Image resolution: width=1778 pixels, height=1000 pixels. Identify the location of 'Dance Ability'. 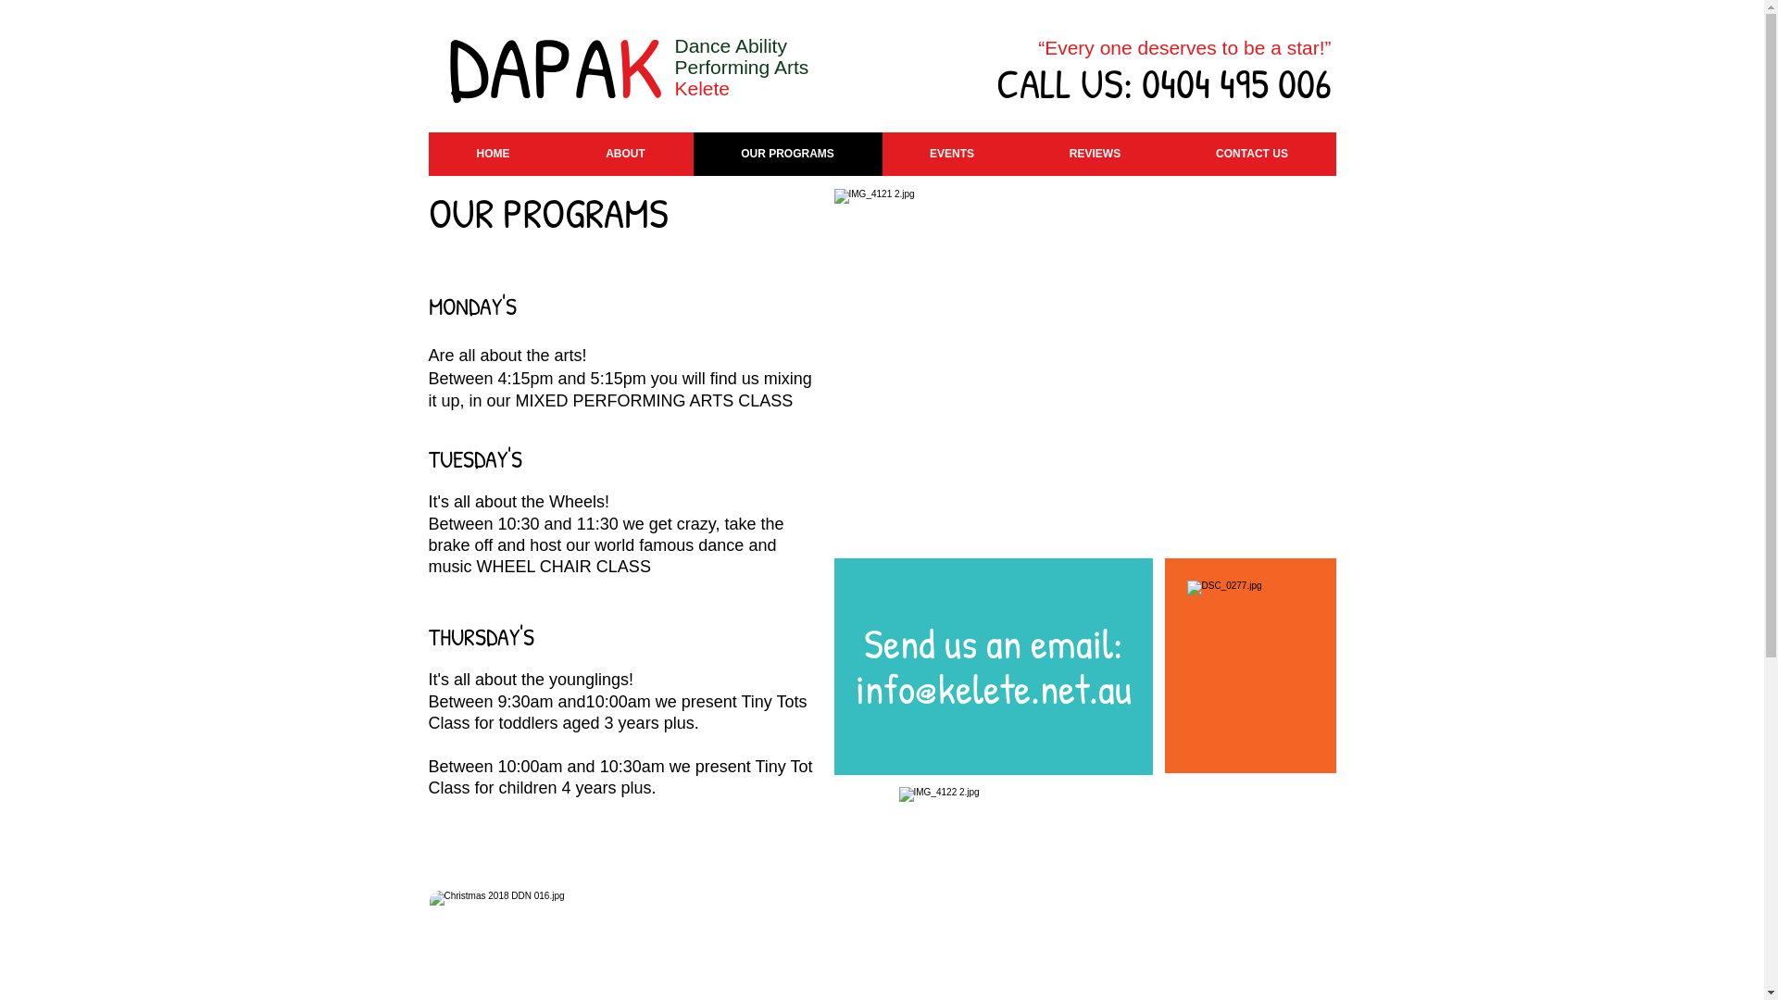
(729, 44).